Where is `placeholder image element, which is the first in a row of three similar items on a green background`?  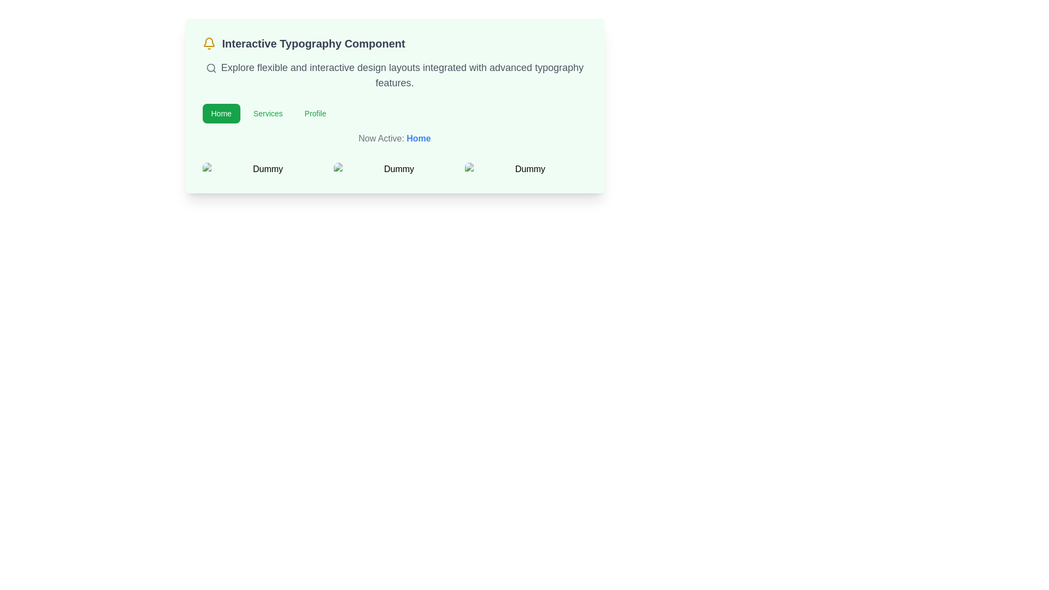 placeholder image element, which is the first in a row of three similar items on a green background is located at coordinates (263, 169).